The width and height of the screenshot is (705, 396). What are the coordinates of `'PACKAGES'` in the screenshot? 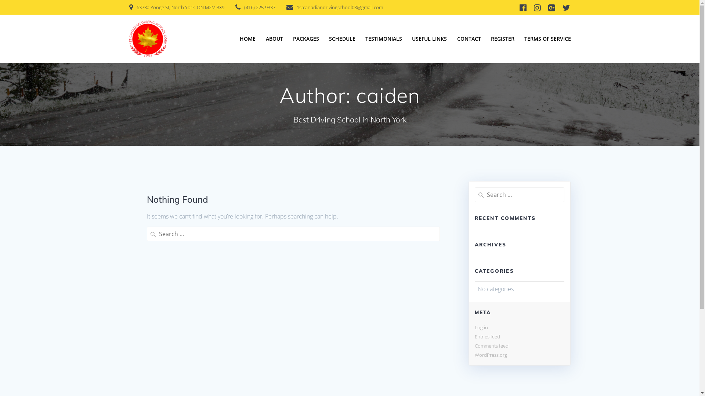 It's located at (306, 38).